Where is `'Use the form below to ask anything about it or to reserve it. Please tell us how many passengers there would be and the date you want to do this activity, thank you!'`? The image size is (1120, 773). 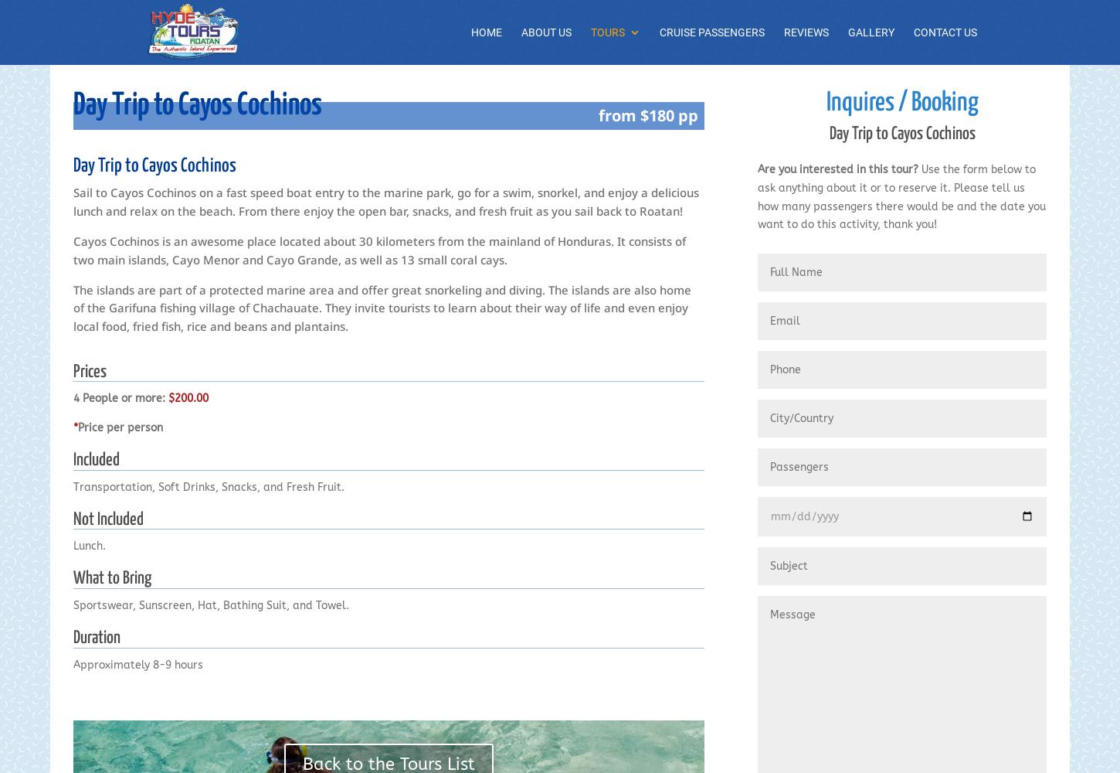 'Use the form below to ask anything about it or to reserve it. Please tell us how many passengers there would be and the date you want to do this activity, thank you!' is located at coordinates (901, 197).